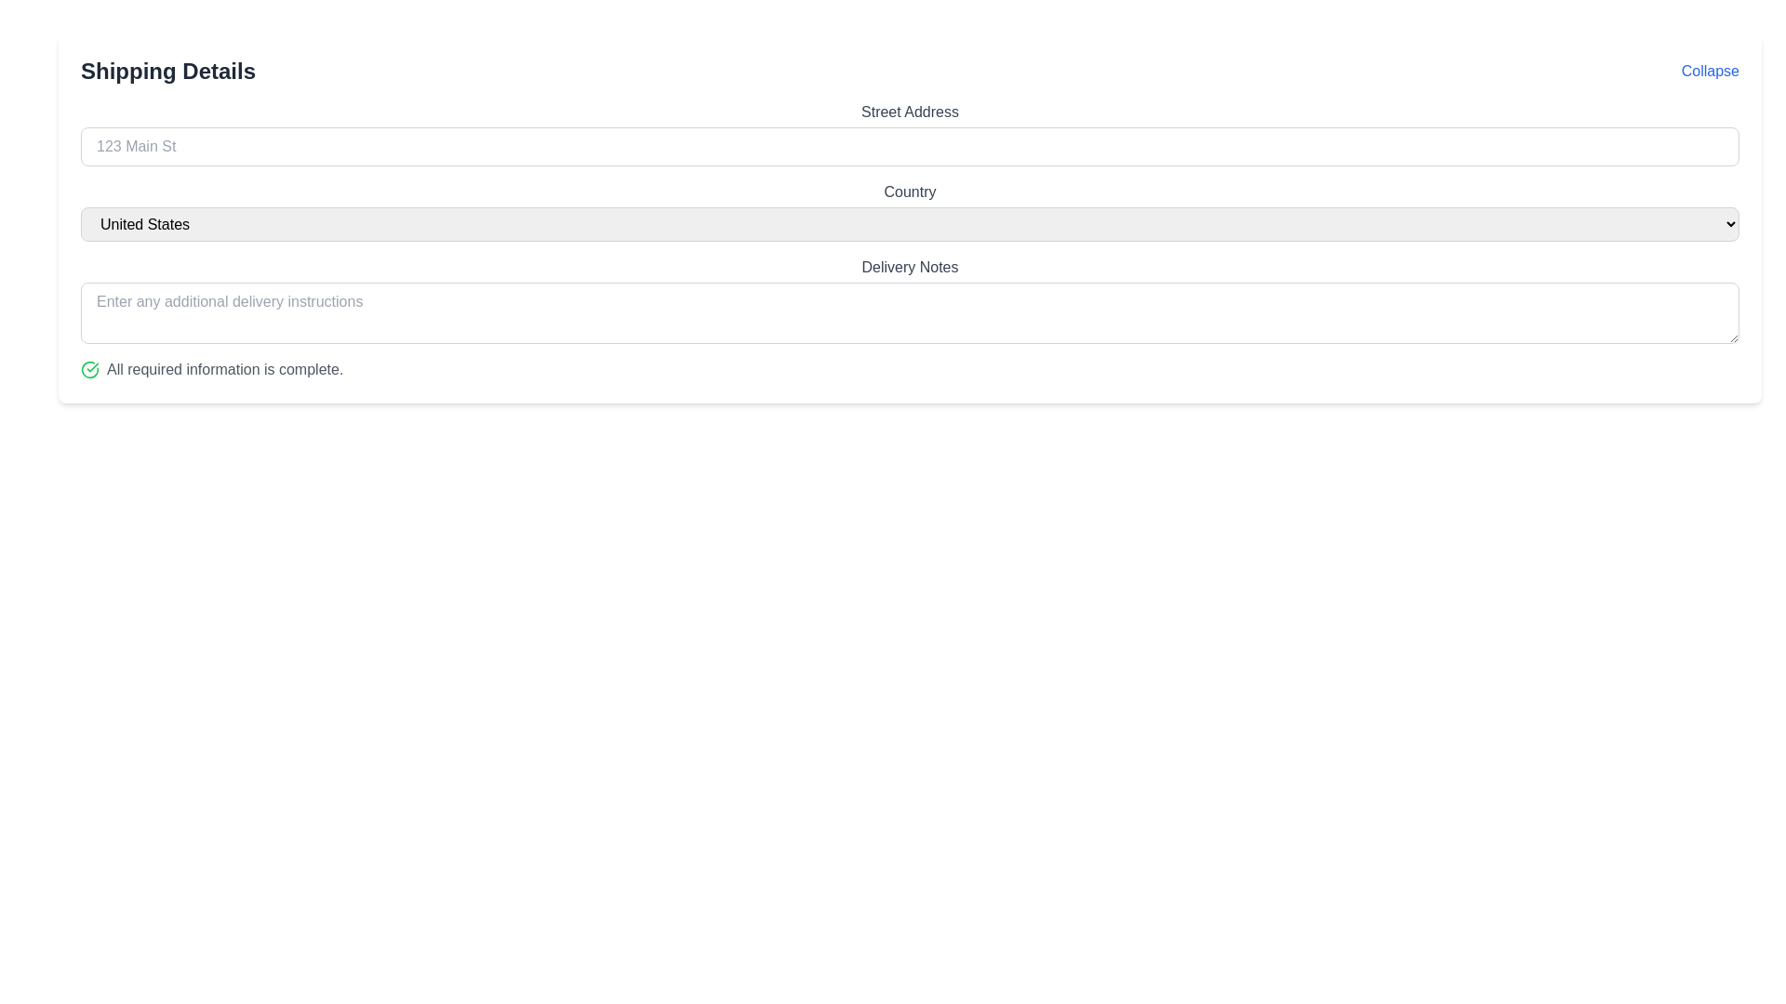 The image size is (1786, 1004). I want to click on the descriptive label for the country selection dropdown menu located in the upper central region of the interface, so click(910, 192).